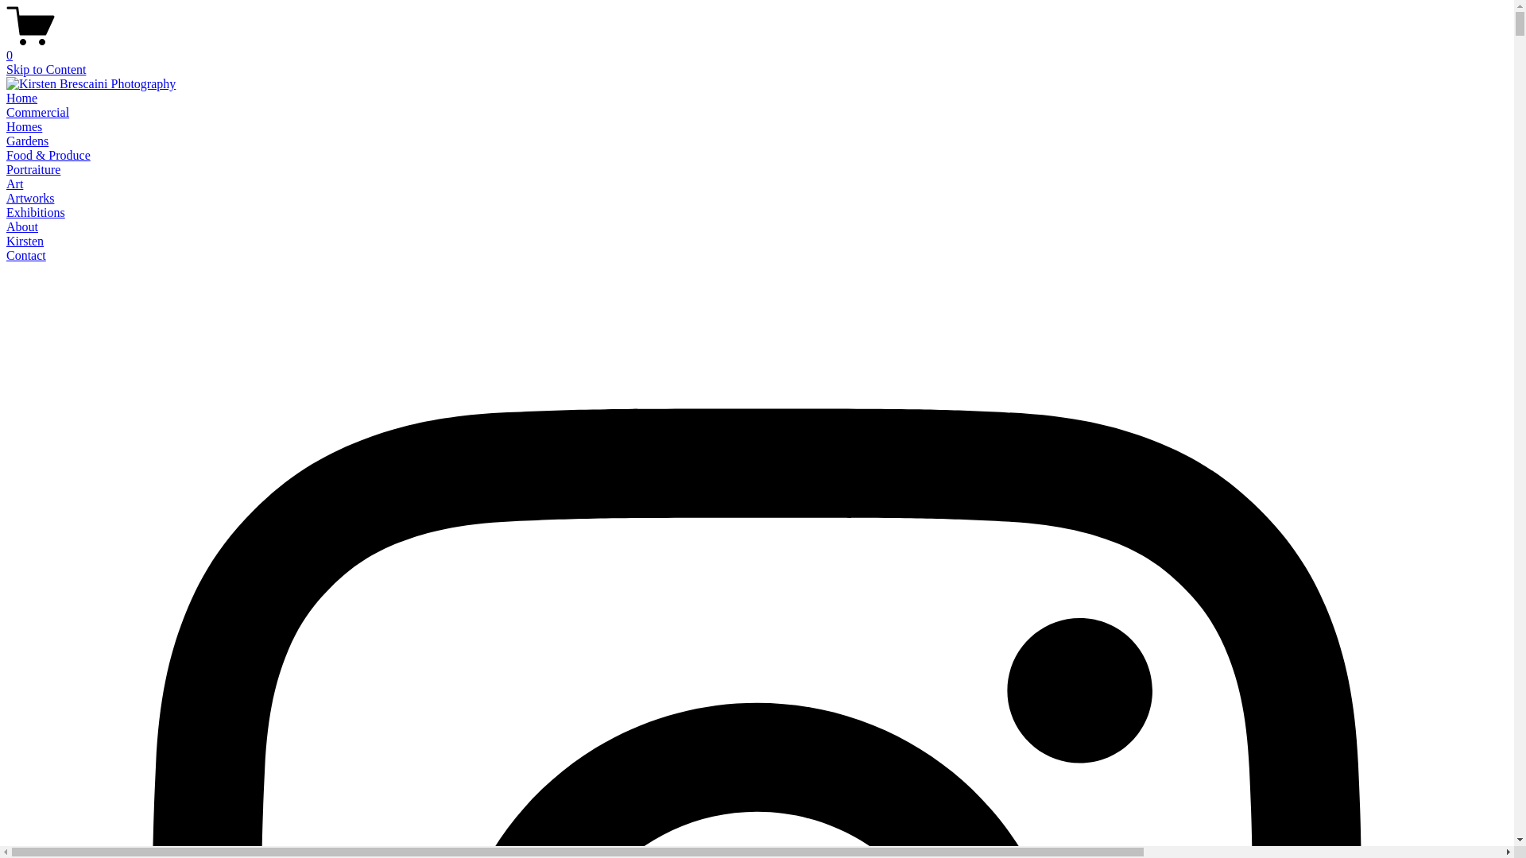 This screenshot has height=858, width=1526. I want to click on 'Artworks', so click(30, 197).